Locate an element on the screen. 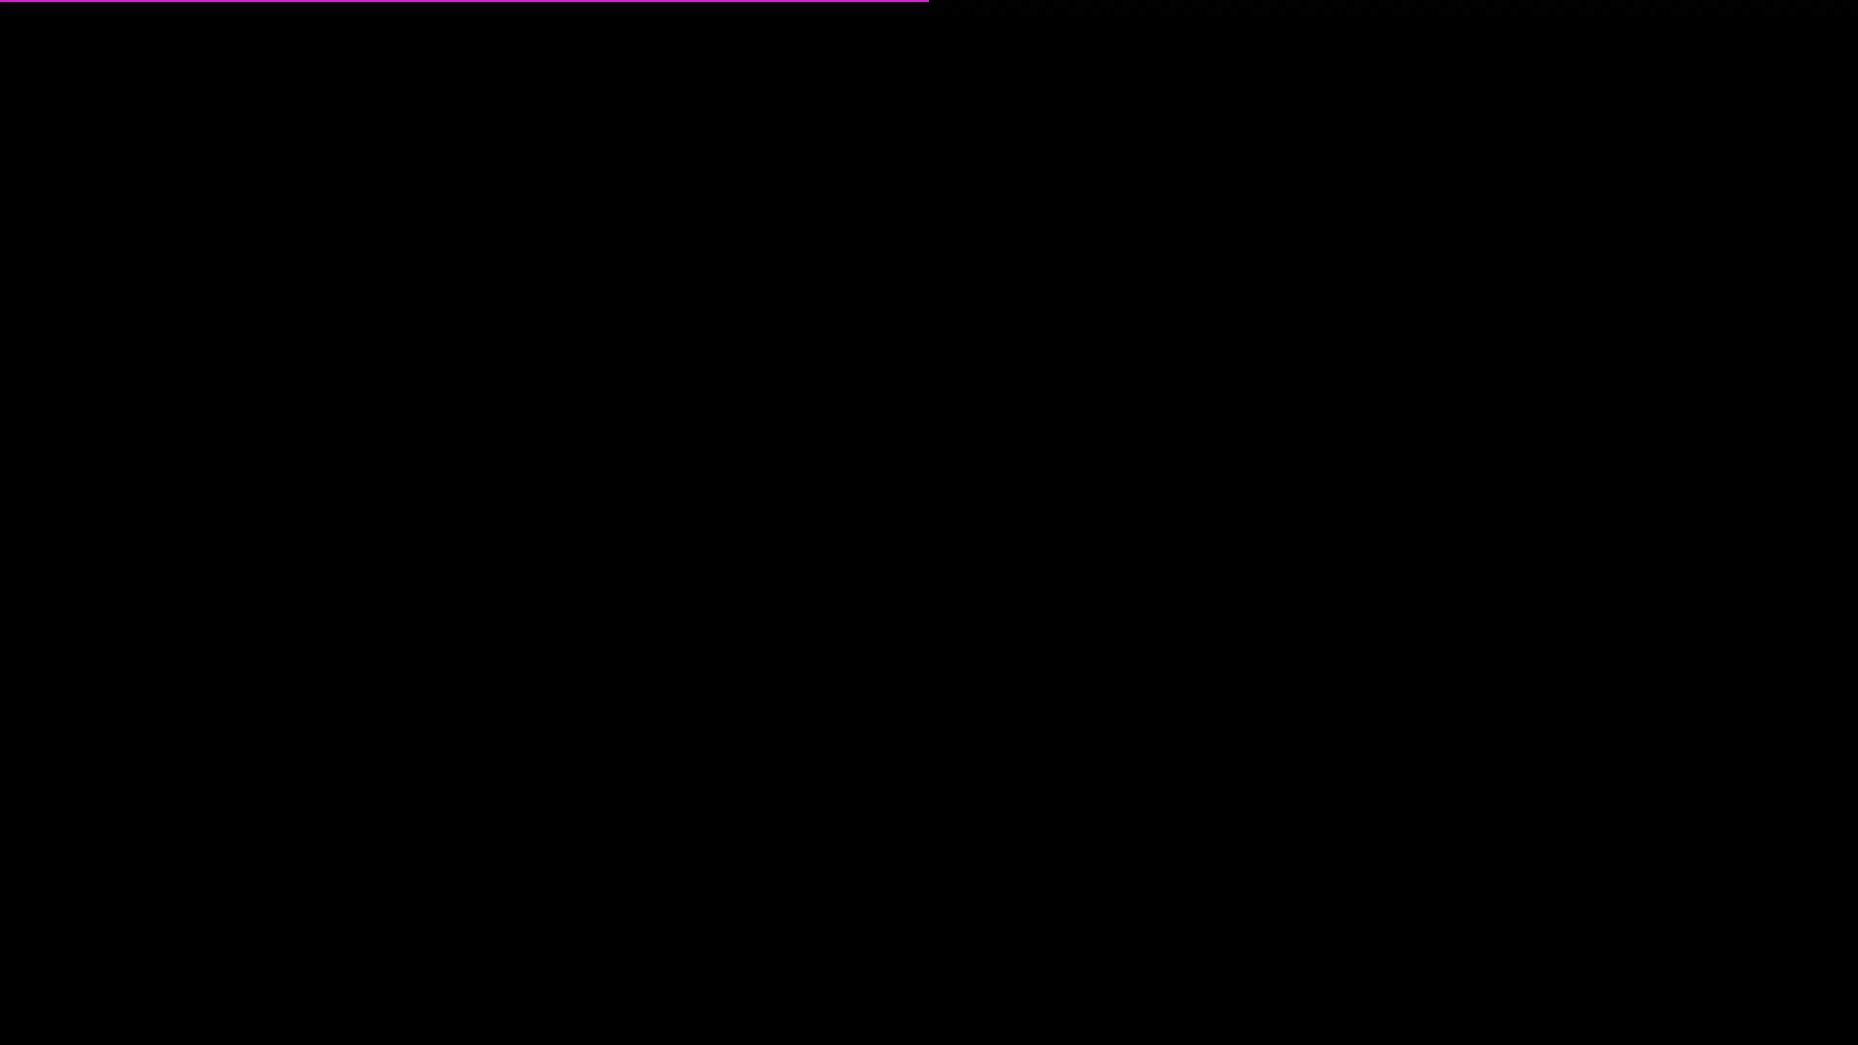 This screenshot has height=1045, width=1858. Log in is located at coordinates (927, 545).